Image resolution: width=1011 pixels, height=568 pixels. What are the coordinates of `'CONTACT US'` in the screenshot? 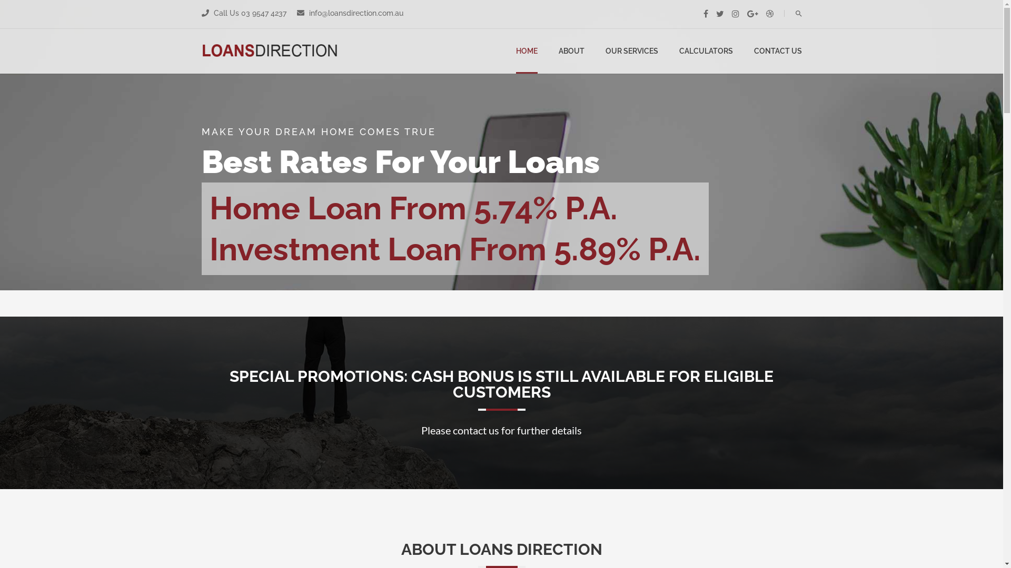 It's located at (753, 51).